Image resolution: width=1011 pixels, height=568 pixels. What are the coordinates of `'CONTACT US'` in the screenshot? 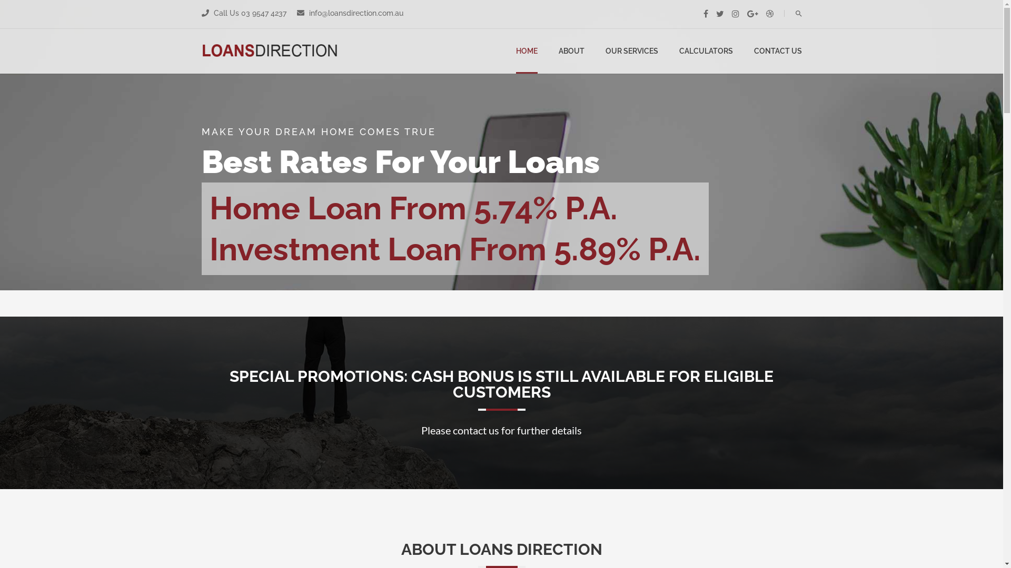 It's located at (753, 51).